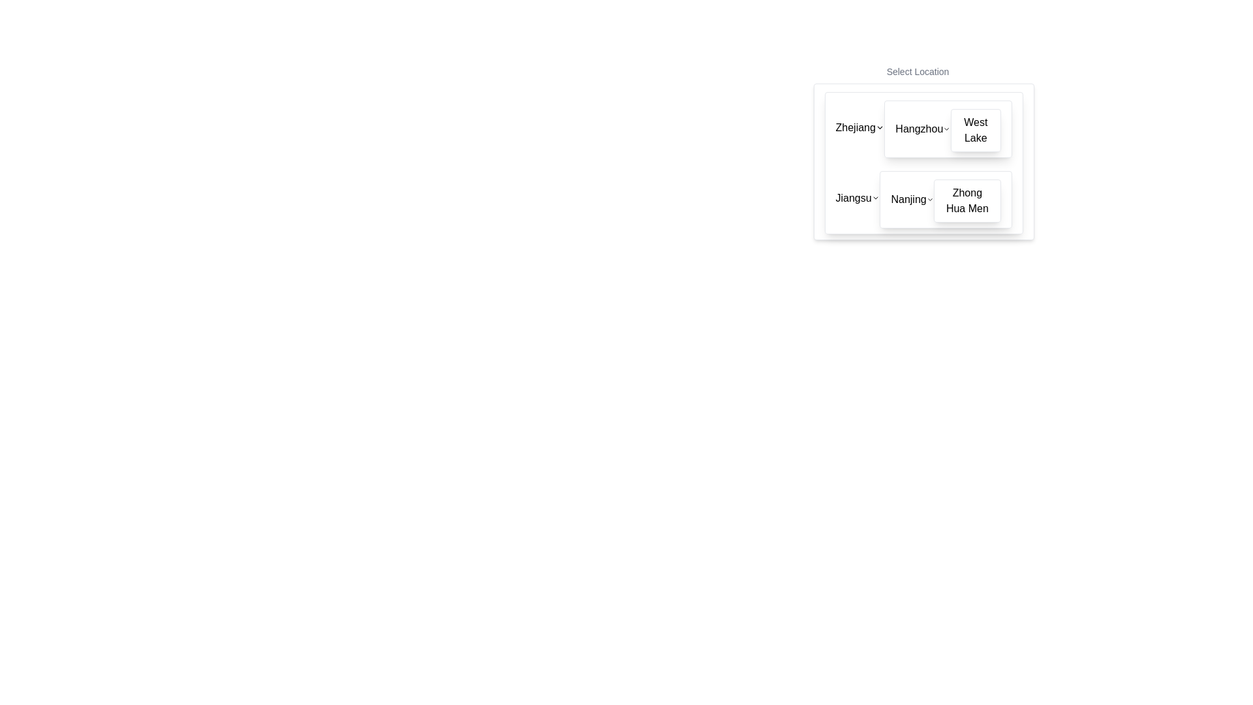  I want to click on the Dropdown selector option labeled 'Hangzhou' located in the top-right segment of the interface, so click(917, 136).